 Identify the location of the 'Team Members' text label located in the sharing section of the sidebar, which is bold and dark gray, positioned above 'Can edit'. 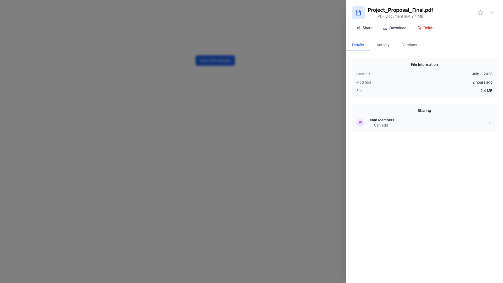
(381, 120).